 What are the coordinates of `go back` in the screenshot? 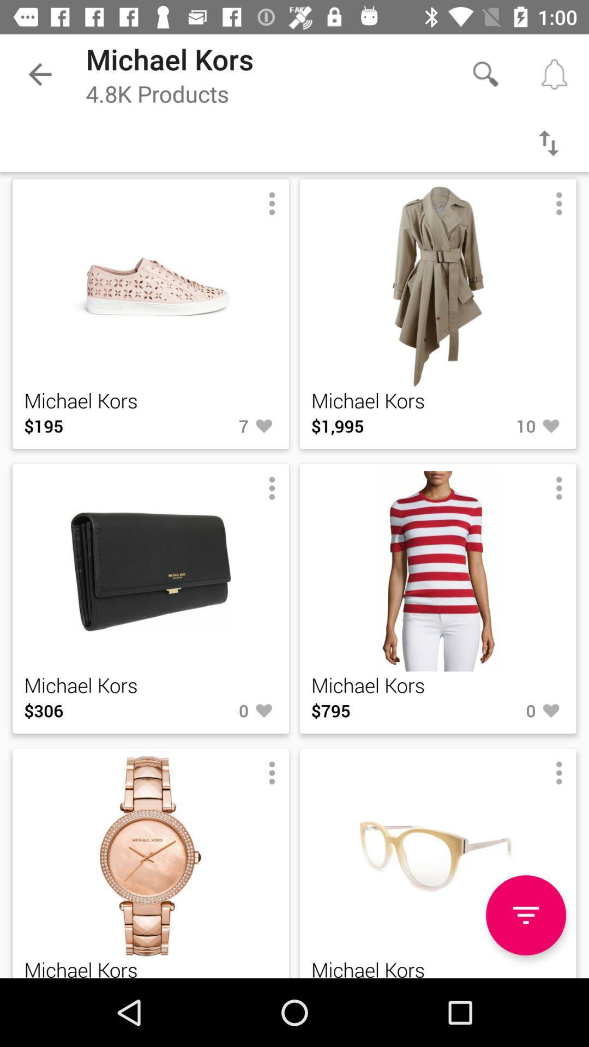 It's located at (549, 142).